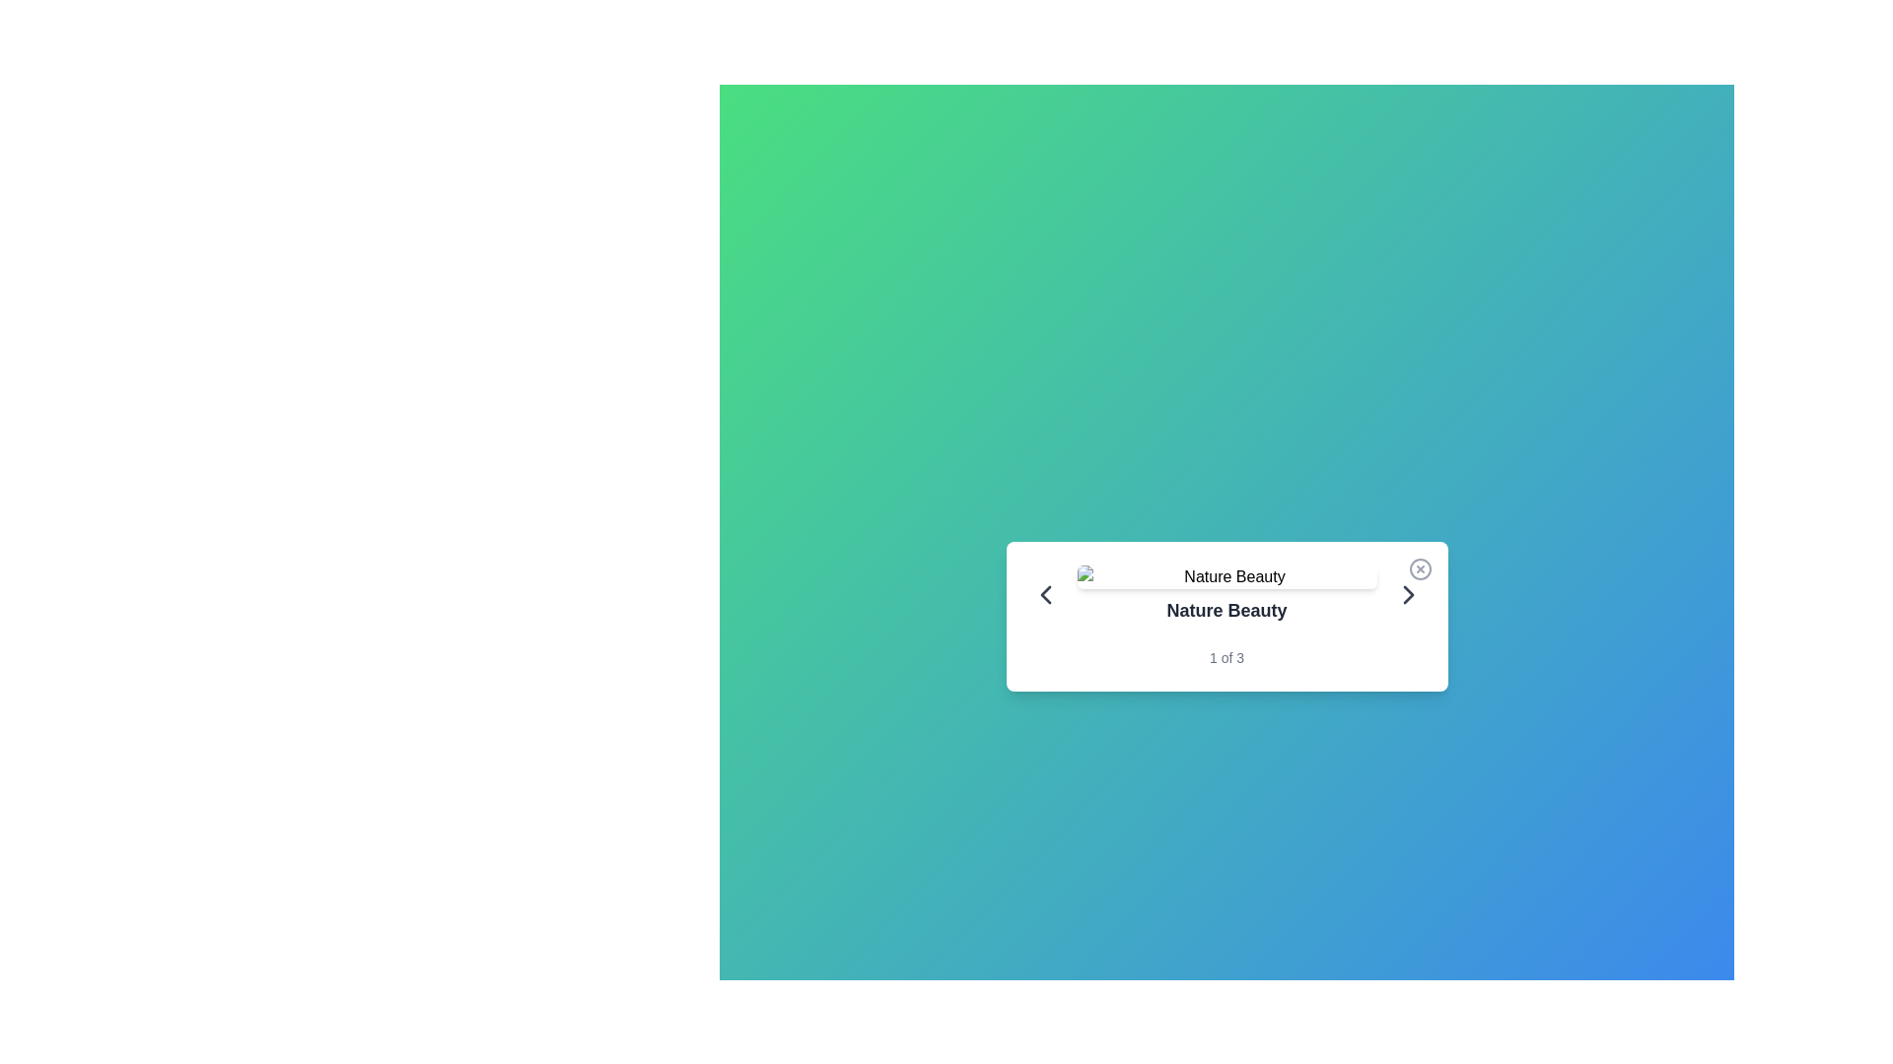 The width and height of the screenshot is (1893, 1064). What do you see at coordinates (1044, 594) in the screenshot?
I see `the left-chevron icon, which is a triangular arrowhead pointing left, located on the far left side of the navigation button to trigger hover effects` at bounding box center [1044, 594].